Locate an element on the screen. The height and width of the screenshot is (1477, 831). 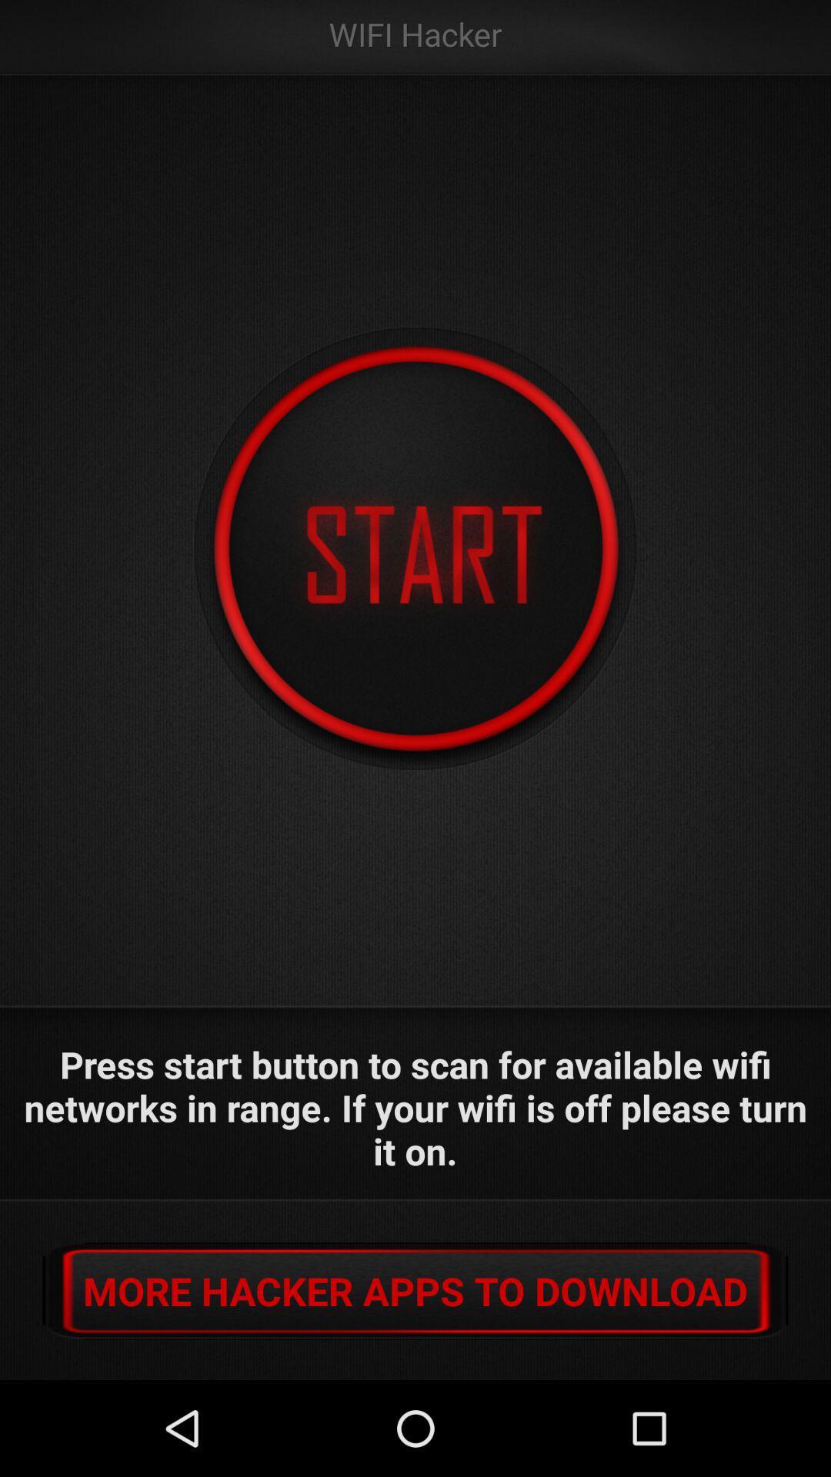
icon below press start button app is located at coordinates (415, 1291).